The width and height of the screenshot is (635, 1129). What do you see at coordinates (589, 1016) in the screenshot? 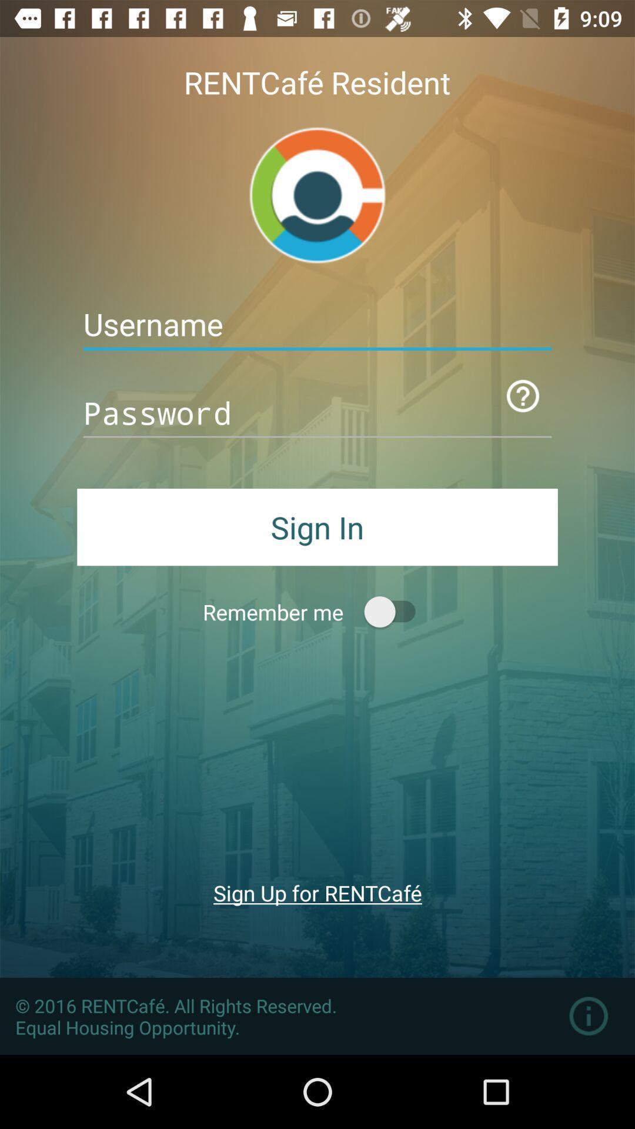
I see `show info` at bounding box center [589, 1016].